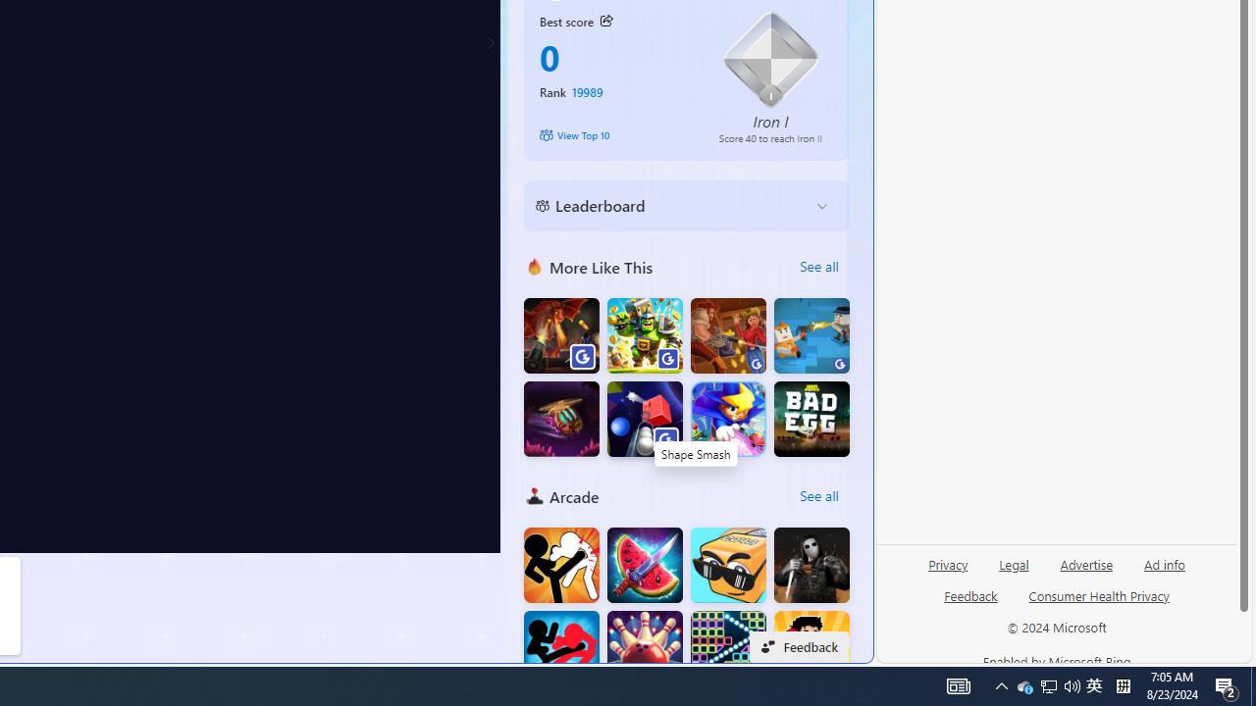 Image resolution: width=1256 pixels, height=706 pixels. What do you see at coordinates (727, 648) in the screenshot?
I see `'Bricks Breaker Deluxe Crusher'` at bounding box center [727, 648].